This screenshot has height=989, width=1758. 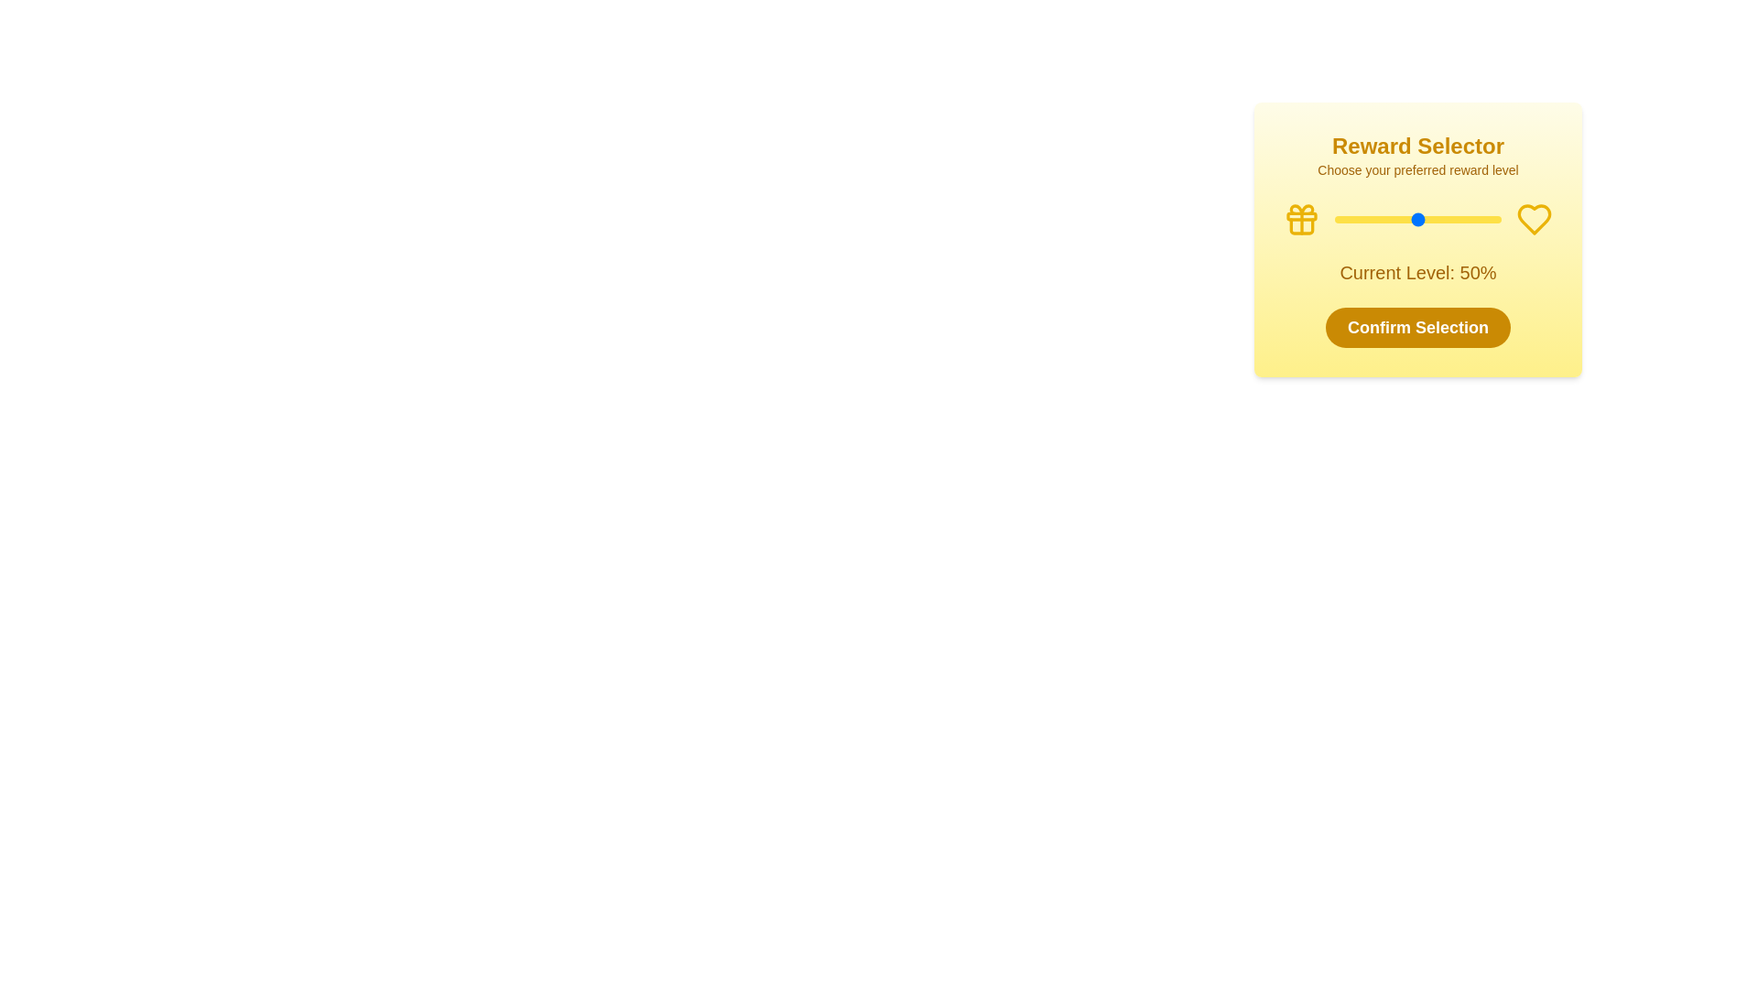 What do you see at coordinates (1300, 218) in the screenshot?
I see `the gift box icon with a yellow outline and a bow, located at the leftmost end of the horizontal arrangement within the 'Reward Selector' card` at bounding box center [1300, 218].